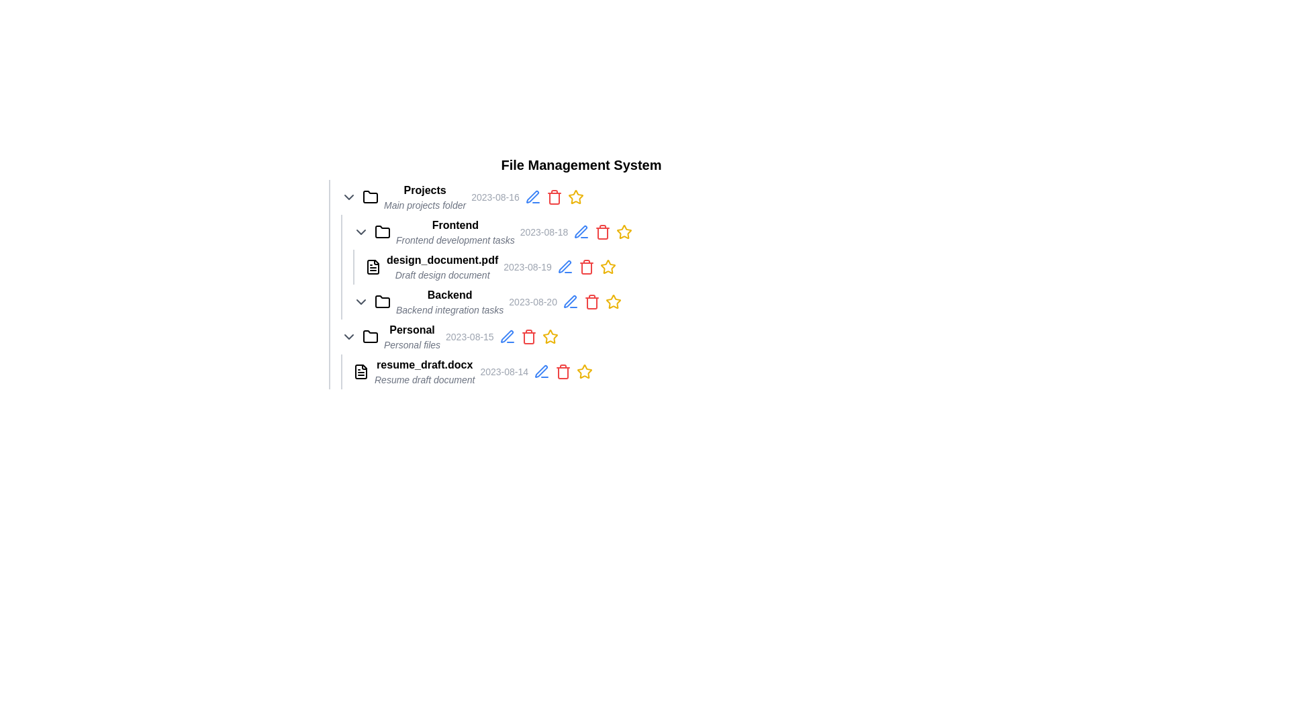 The width and height of the screenshot is (1289, 725). What do you see at coordinates (424, 380) in the screenshot?
I see `the text label styled in italic and gray that reads 'Resume draft document', located under the document title 'resume_draft.docx' in the file management system` at bounding box center [424, 380].